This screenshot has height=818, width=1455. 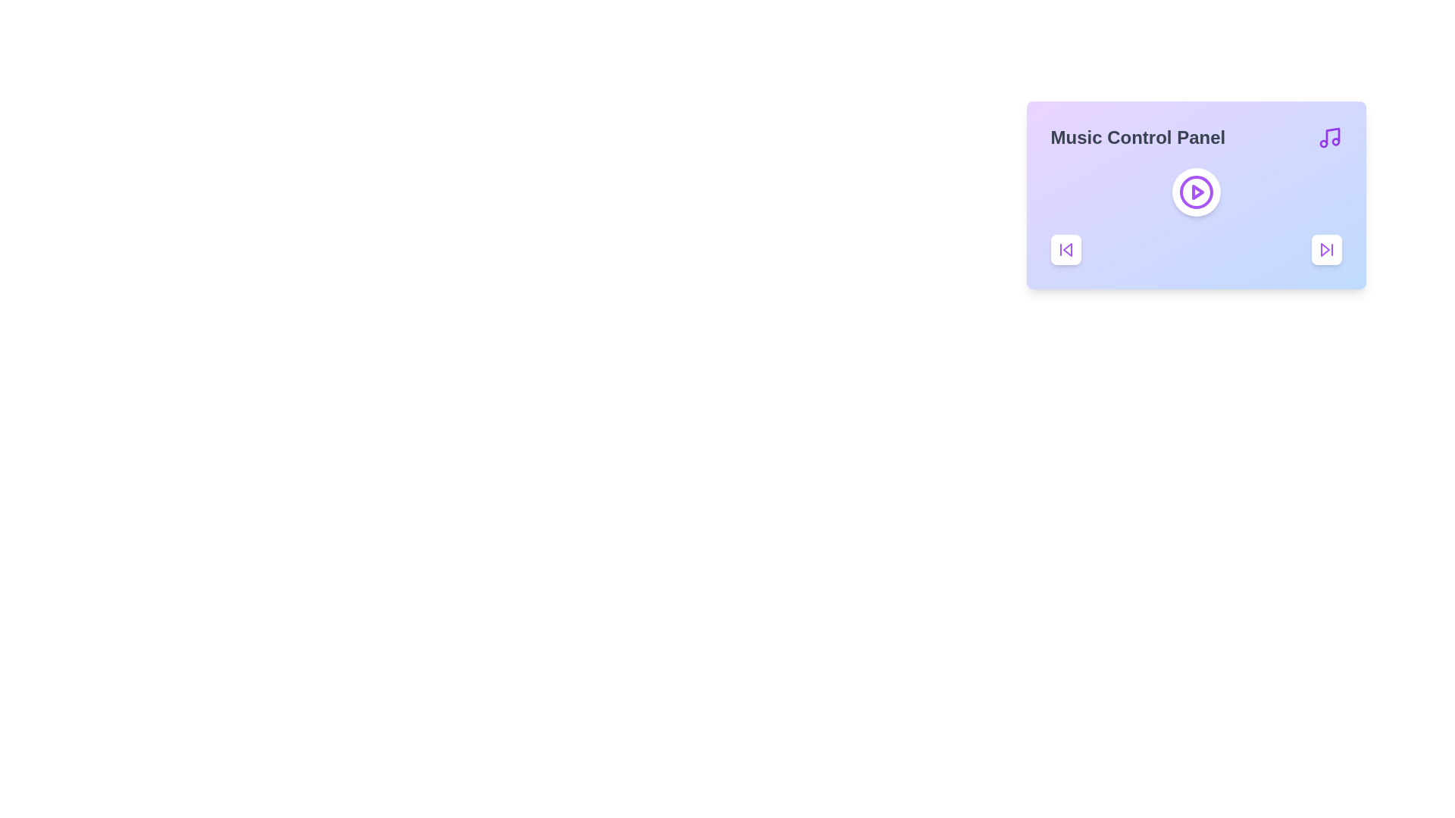 I want to click on the purple triangular play icon within the circular boundary in the music control interface, so click(x=1197, y=192).